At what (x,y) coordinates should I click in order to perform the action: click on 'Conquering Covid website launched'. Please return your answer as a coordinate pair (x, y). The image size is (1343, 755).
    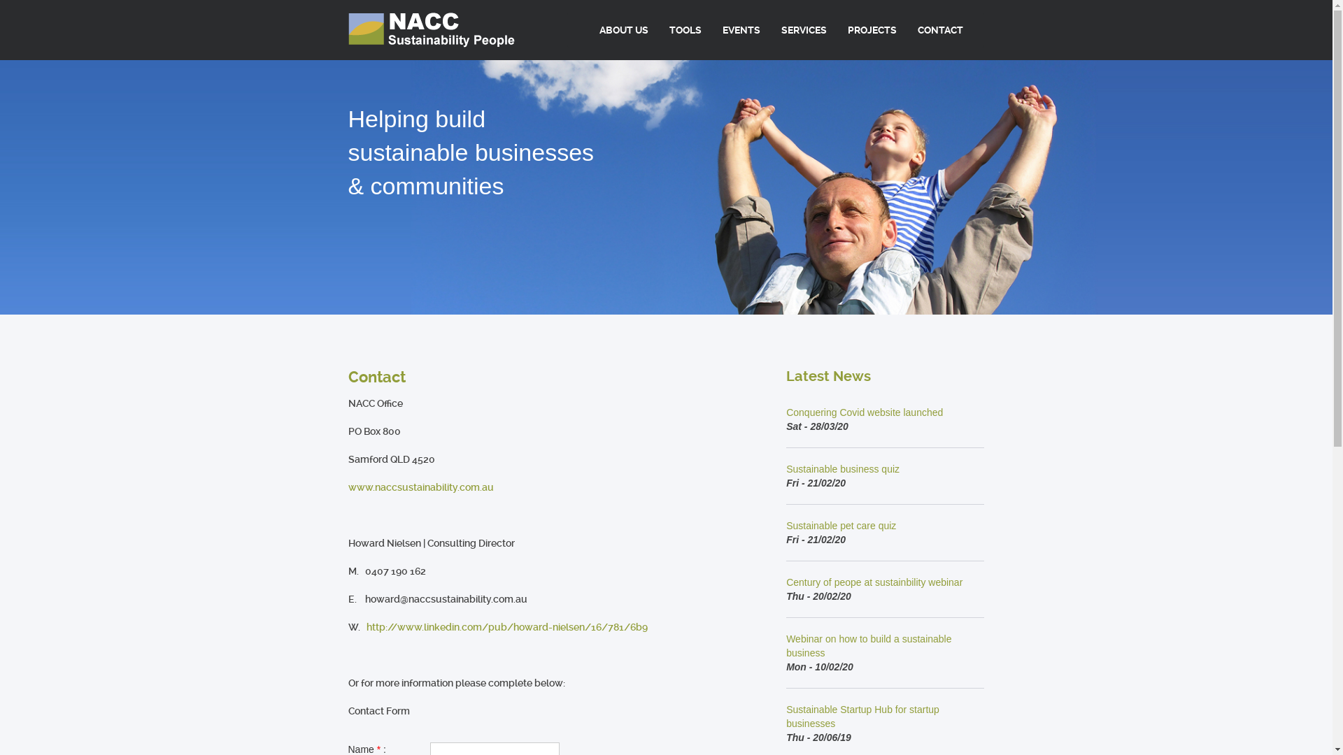
    Looking at the image, I should click on (864, 412).